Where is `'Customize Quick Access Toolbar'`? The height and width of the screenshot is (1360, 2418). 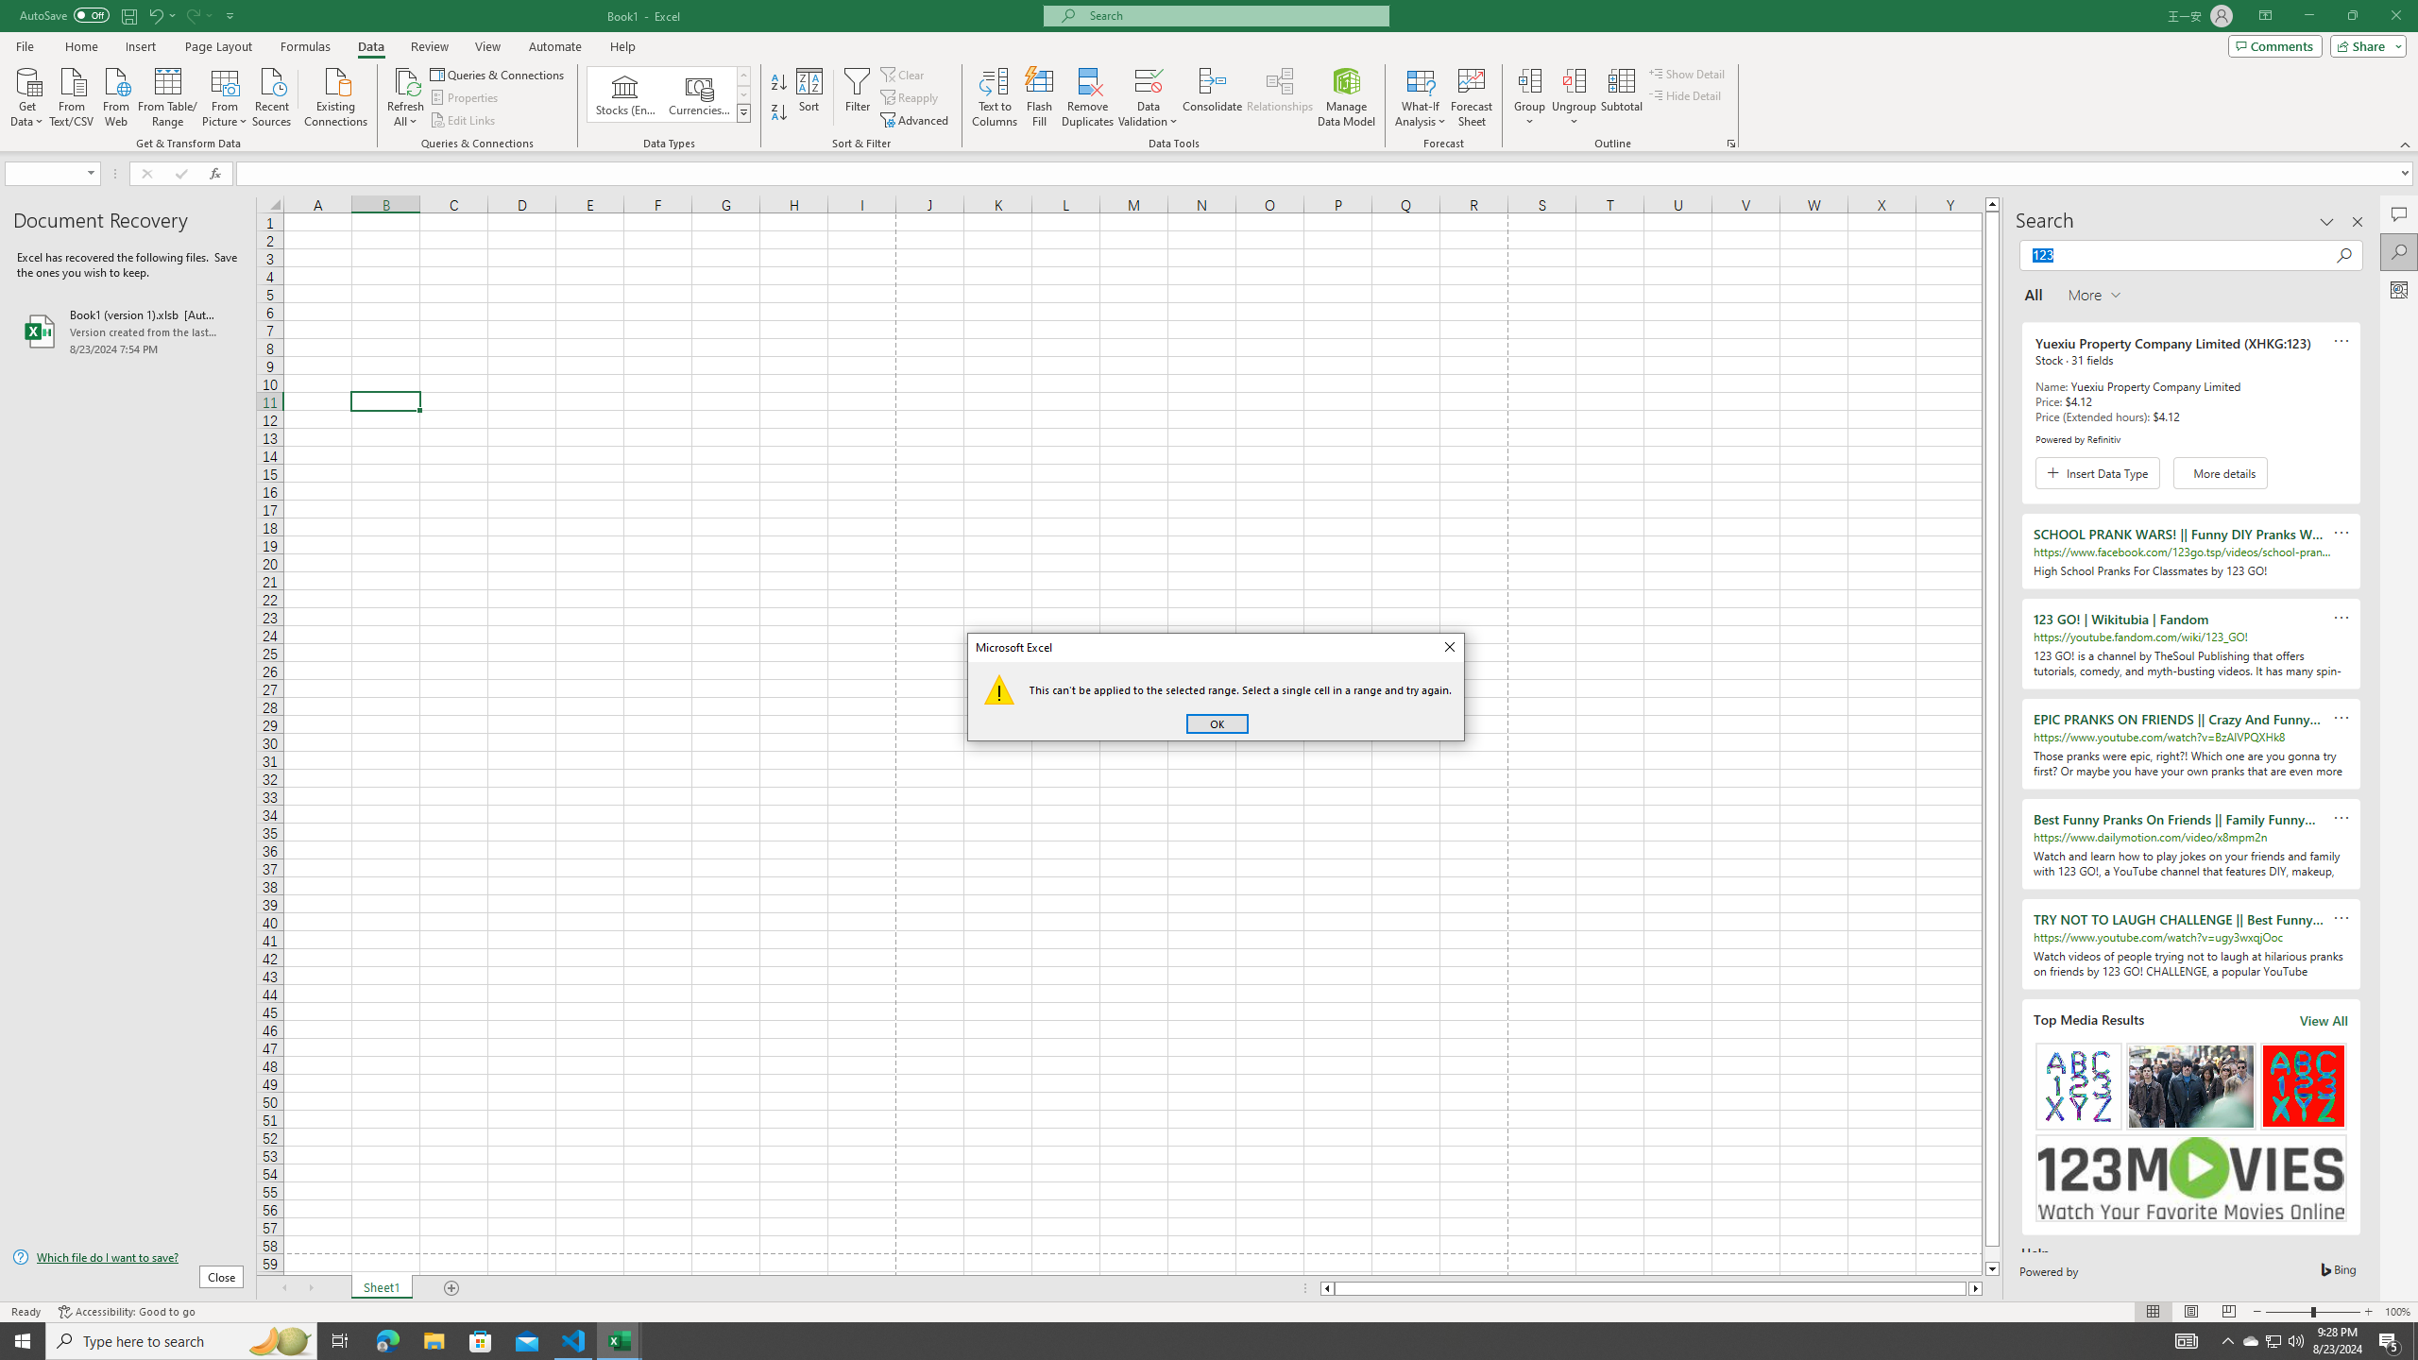
'Customize Quick Access Toolbar' is located at coordinates (230, 14).